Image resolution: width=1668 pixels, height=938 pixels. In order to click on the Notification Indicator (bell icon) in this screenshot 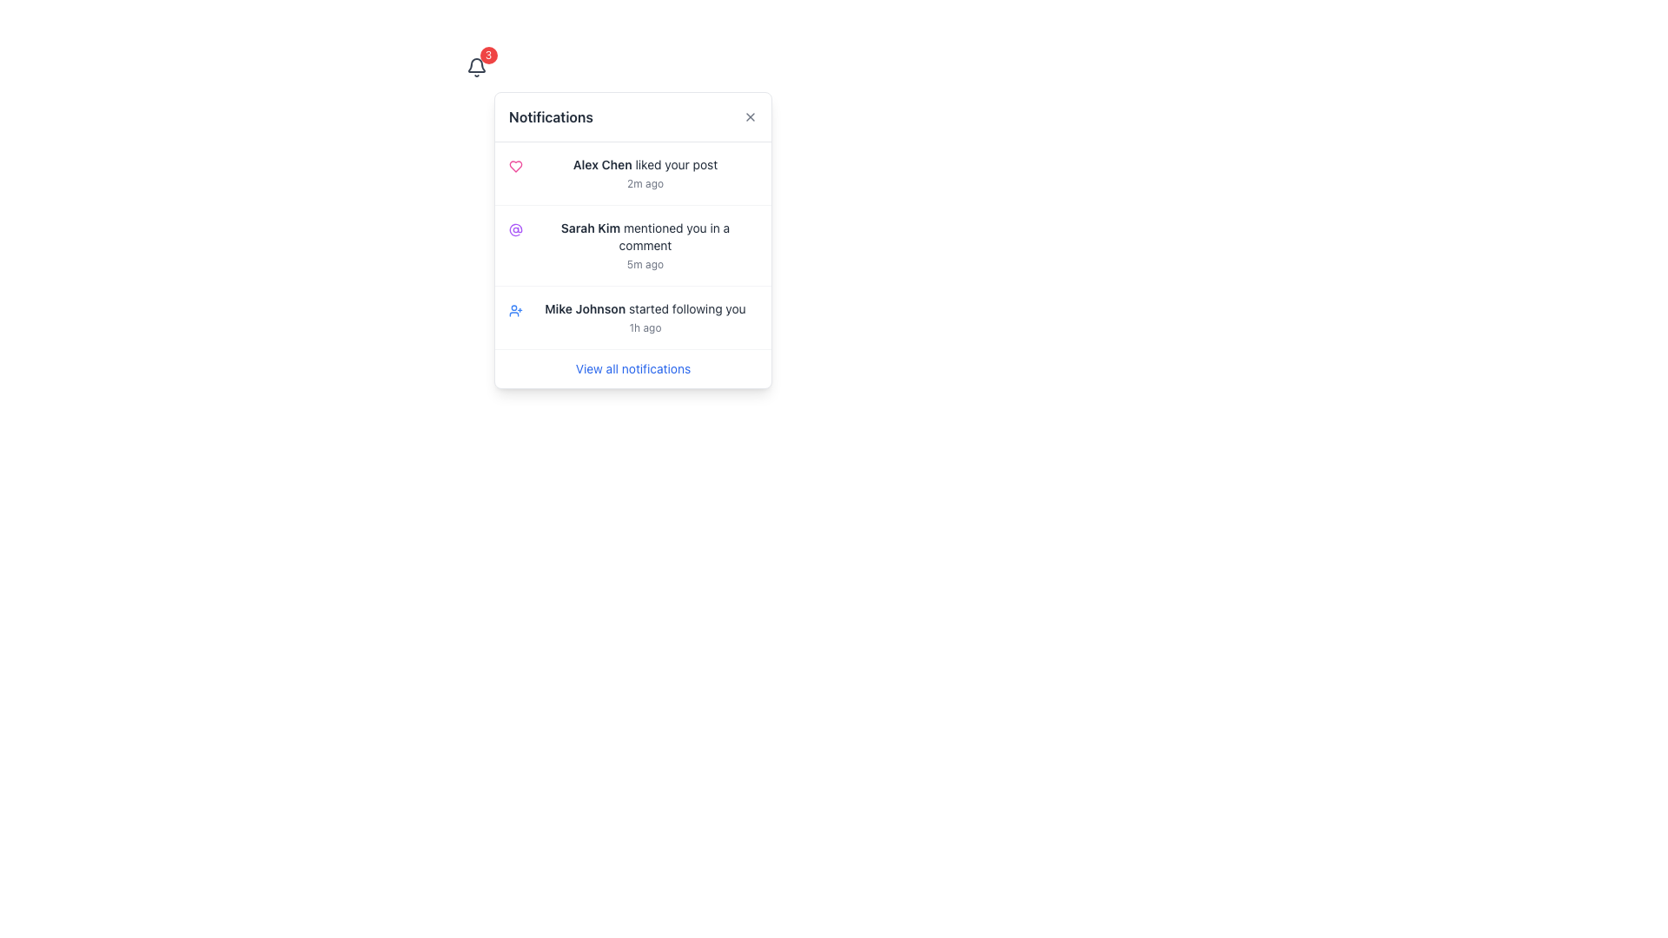, I will do `click(476, 66)`.